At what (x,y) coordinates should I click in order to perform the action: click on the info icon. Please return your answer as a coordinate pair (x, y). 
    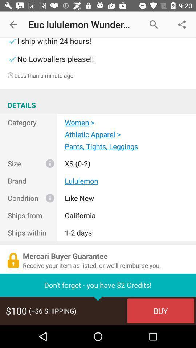
    Looking at the image, I should click on (49, 198).